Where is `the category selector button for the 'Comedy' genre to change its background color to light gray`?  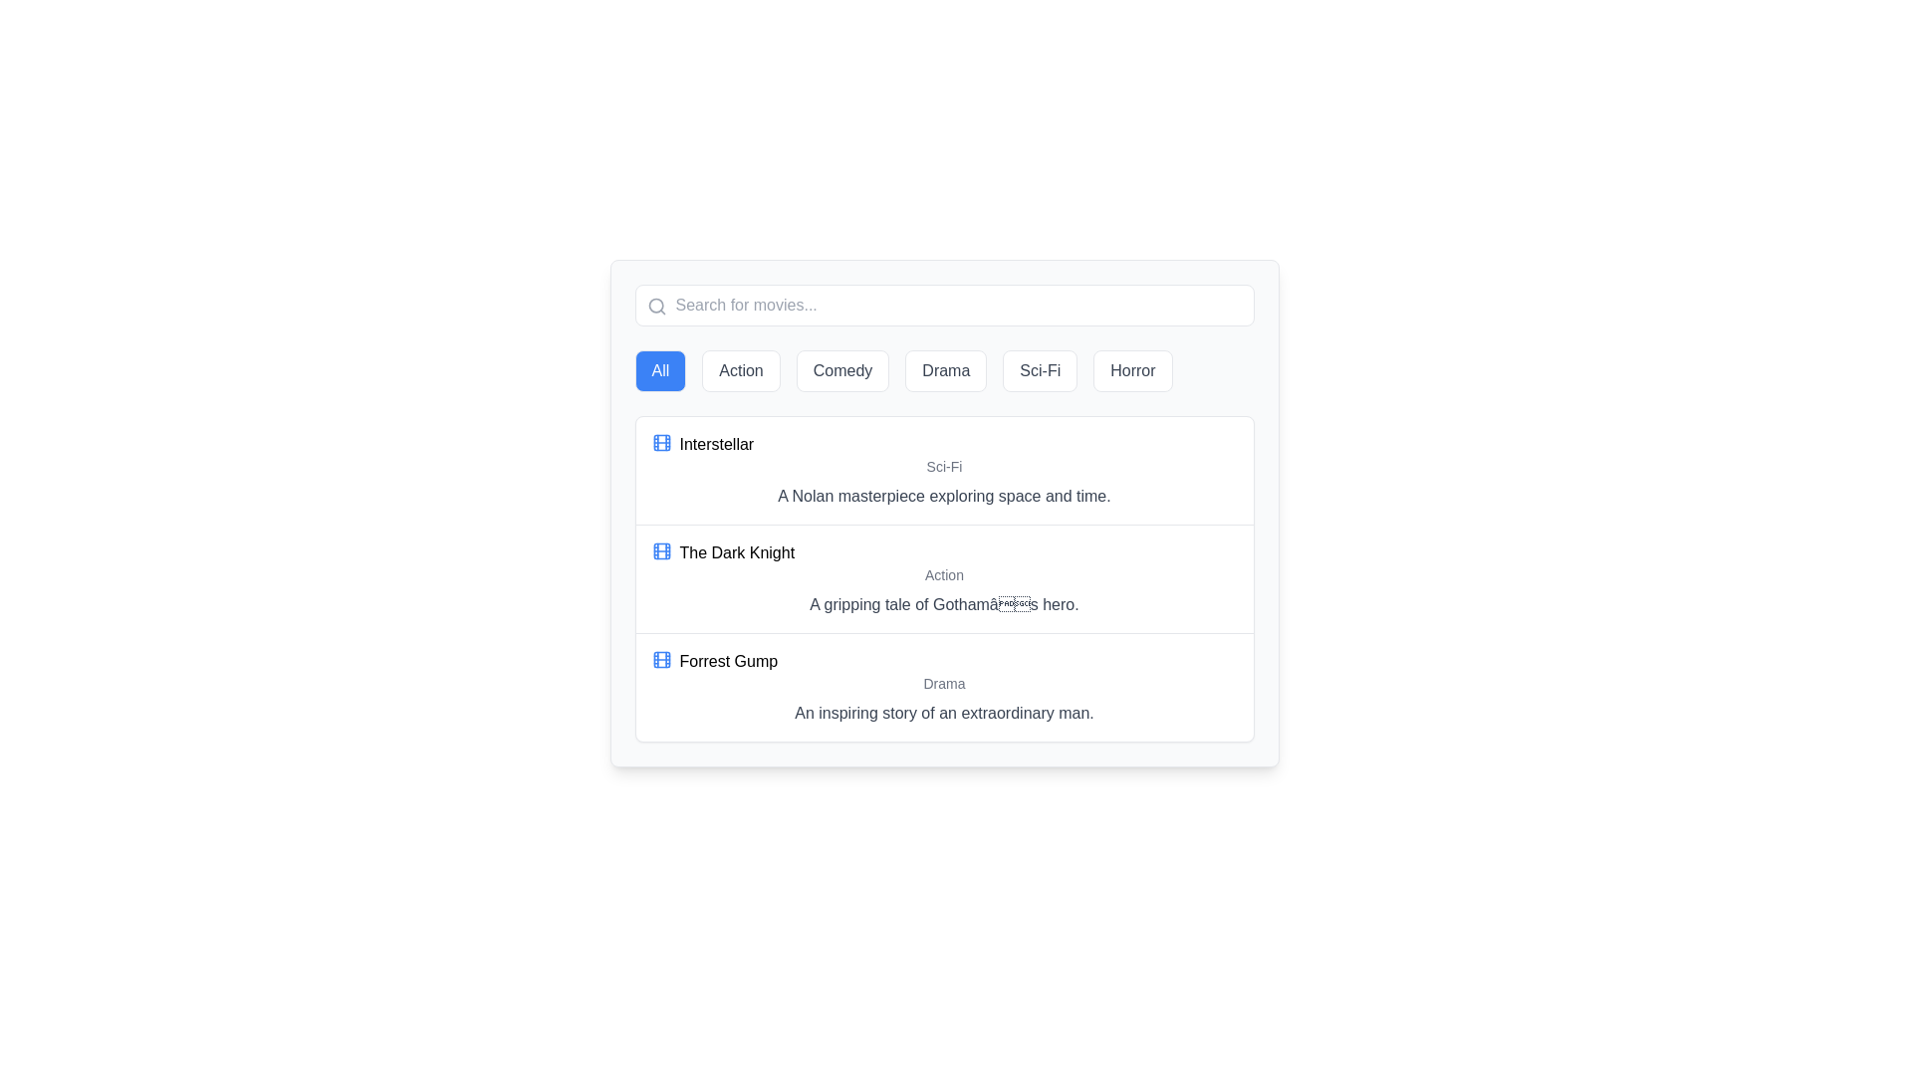
the category selector button for the 'Comedy' genre to change its background color to light gray is located at coordinates (842, 371).